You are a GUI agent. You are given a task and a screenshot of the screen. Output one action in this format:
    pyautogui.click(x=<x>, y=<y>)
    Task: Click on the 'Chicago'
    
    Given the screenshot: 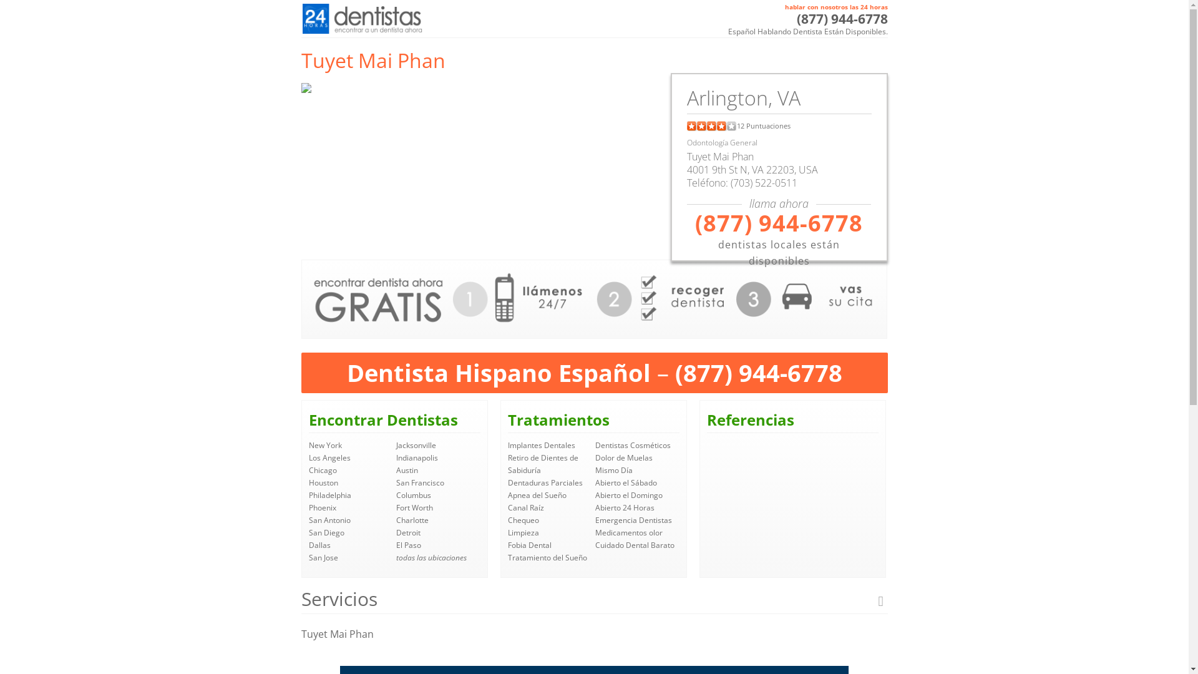 What is the action you would take?
    pyautogui.click(x=322, y=470)
    